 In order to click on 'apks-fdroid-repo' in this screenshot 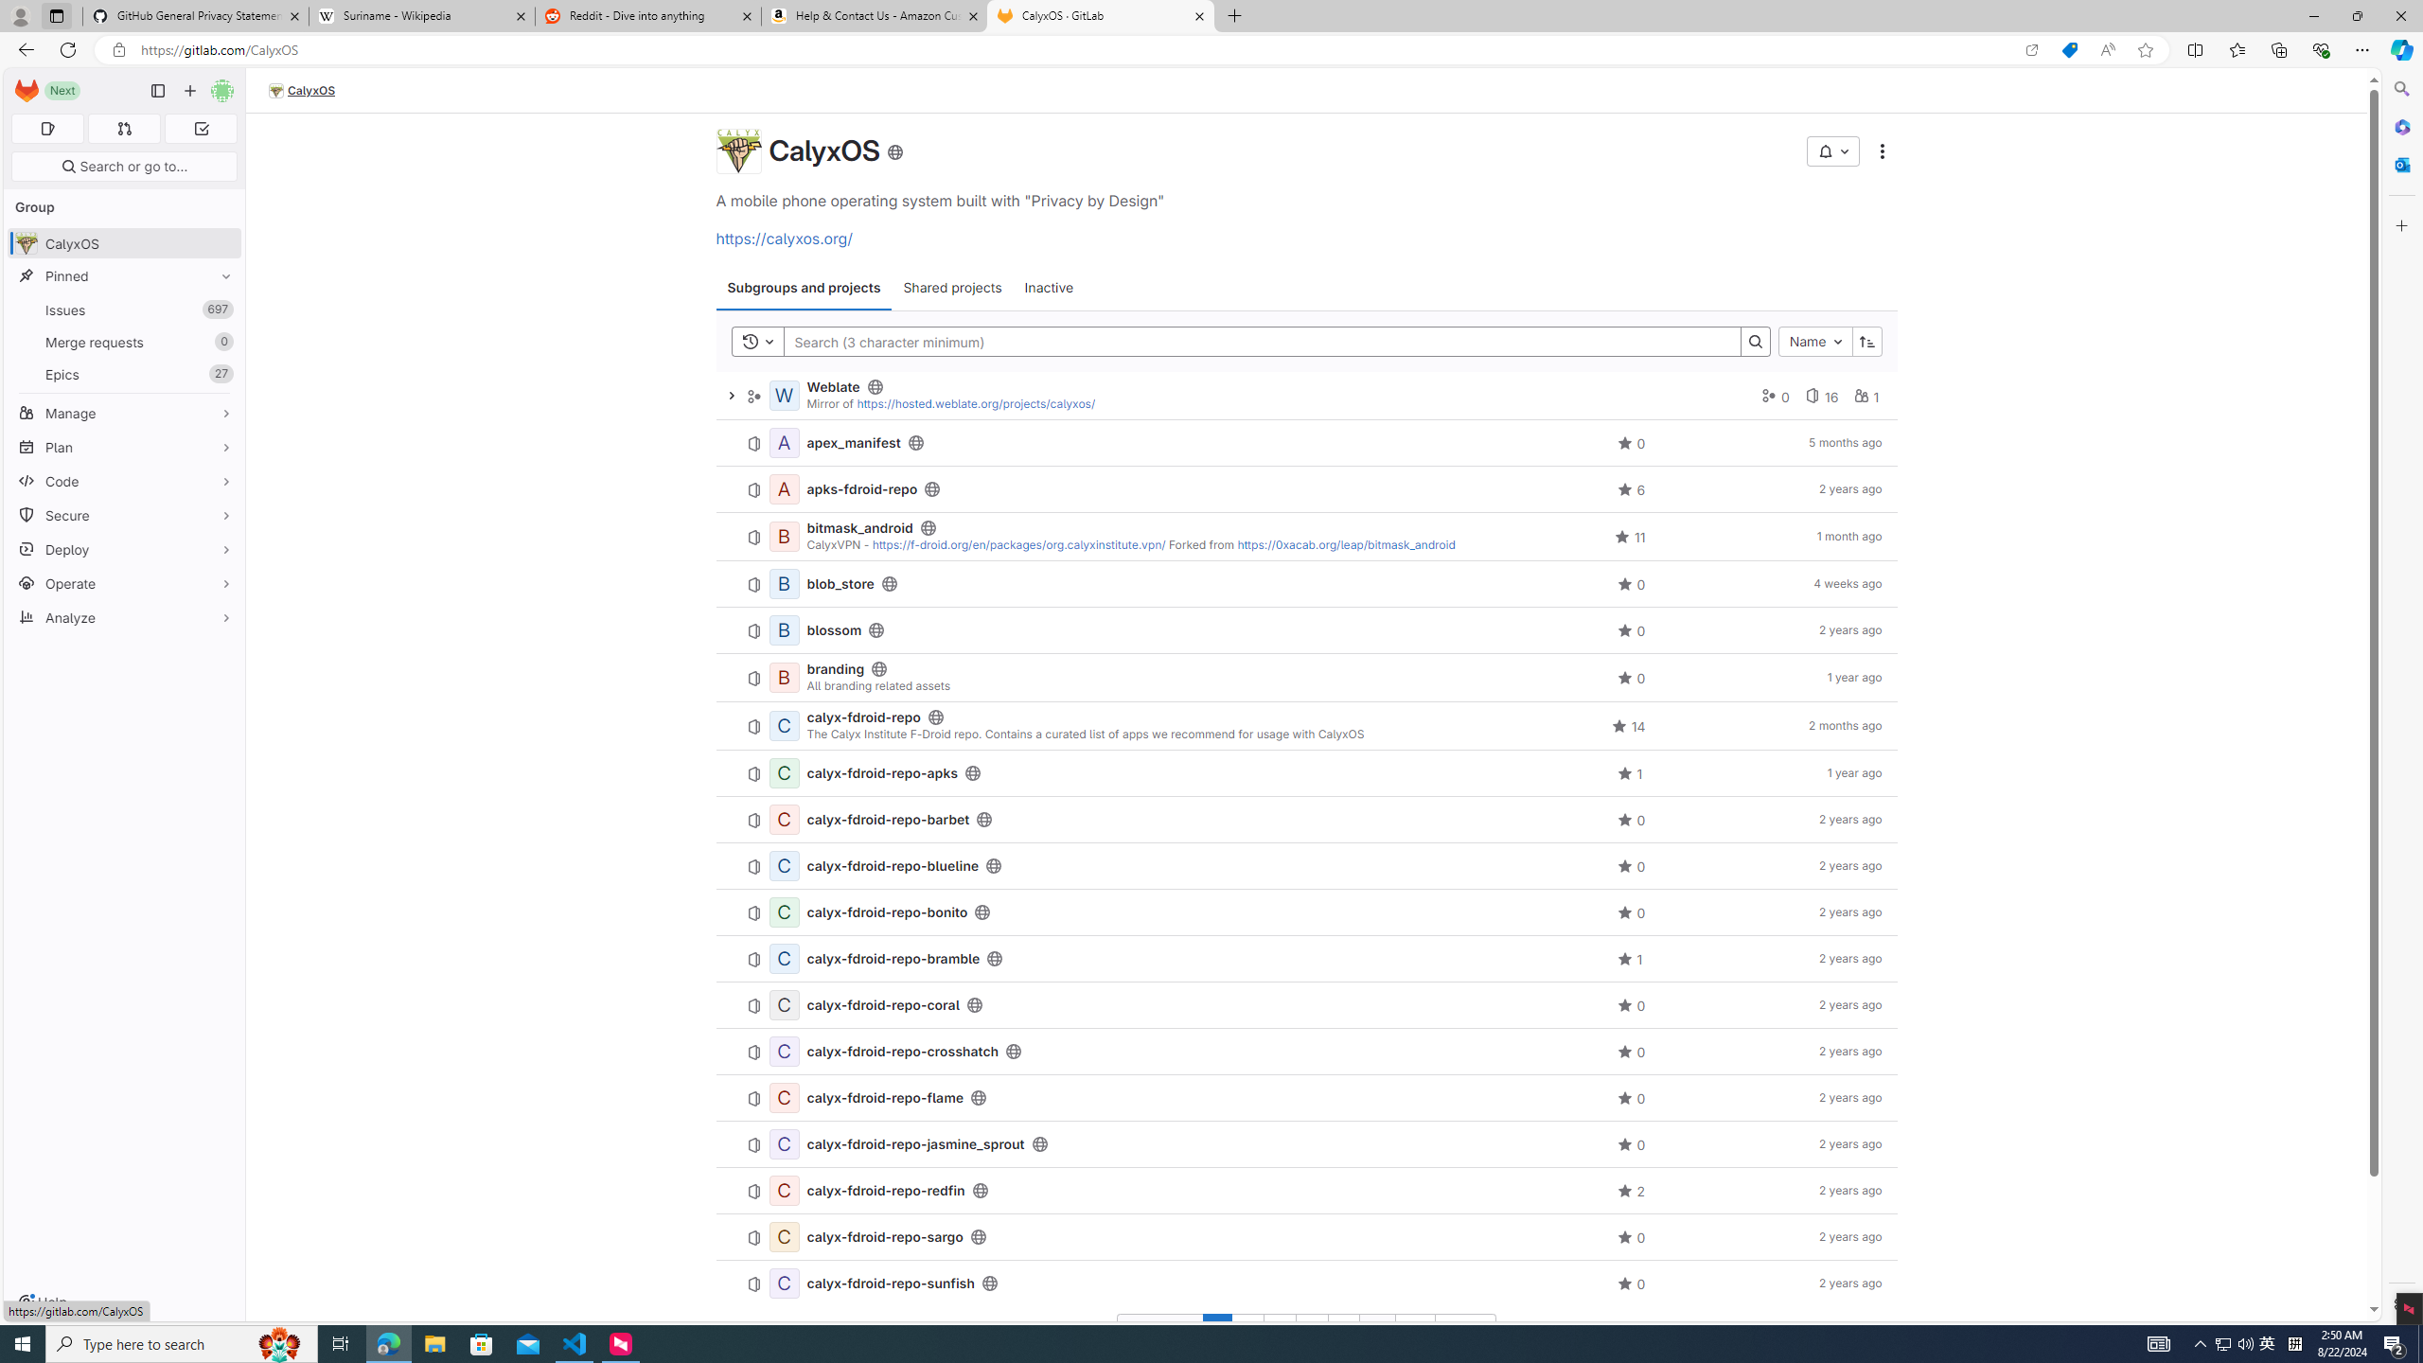, I will do `click(861, 488)`.